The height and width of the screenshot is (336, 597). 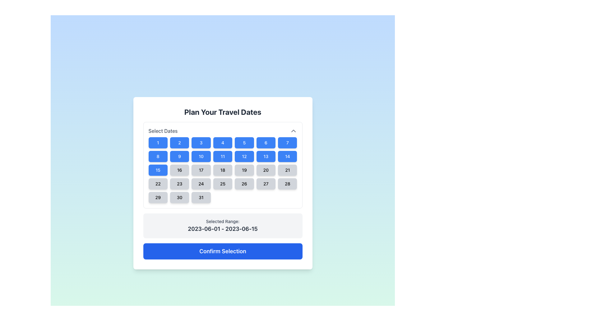 I want to click on the Informational display box that shows the date range '2023-06-01 - 2023-06-15' and the label 'Selected Range:', so click(x=223, y=226).